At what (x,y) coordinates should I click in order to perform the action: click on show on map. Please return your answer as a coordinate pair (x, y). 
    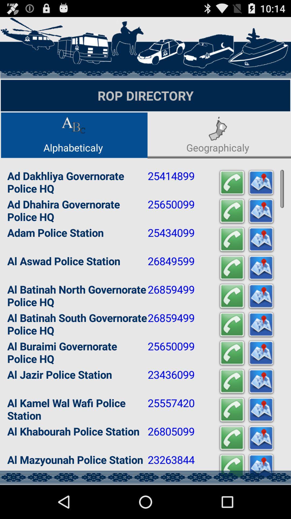
    Looking at the image, I should click on (261, 239).